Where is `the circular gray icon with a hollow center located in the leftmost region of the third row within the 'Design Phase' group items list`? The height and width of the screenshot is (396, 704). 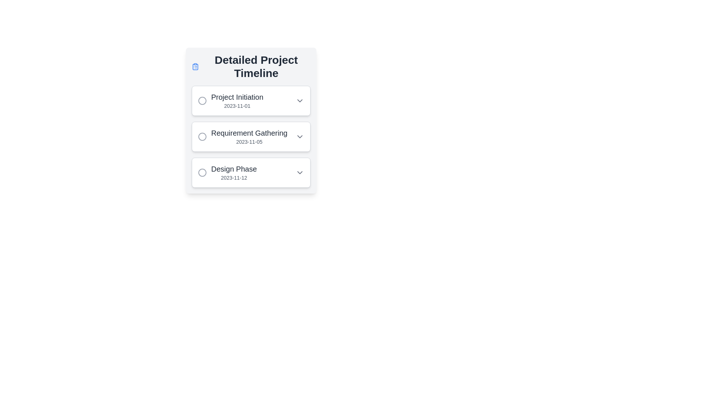 the circular gray icon with a hollow center located in the leftmost region of the third row within the 'Design Phase' group items list is located at coordinates (202, 172).